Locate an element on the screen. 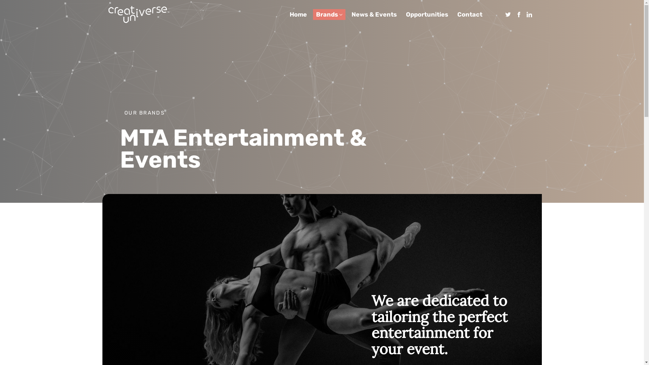 The height and width of the screenshot is (365, 649). 'Connect with us on Twitter' is located at coordinates (508, 15).